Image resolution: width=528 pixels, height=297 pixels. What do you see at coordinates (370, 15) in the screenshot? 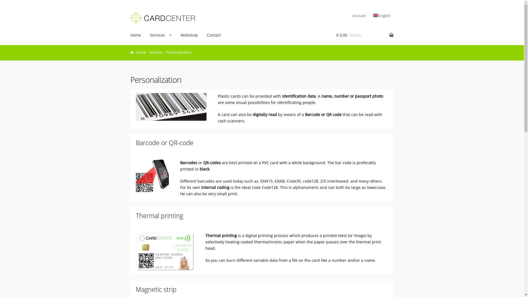
I see `'English'` at bounding box center [370, 15].